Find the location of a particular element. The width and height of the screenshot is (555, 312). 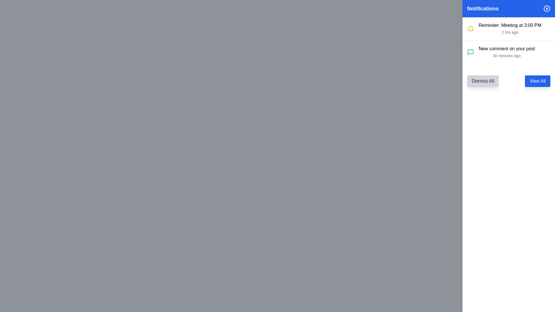

the blue 'View All' button located at the top-right of the notification panel is located at coordinates (537, 81).